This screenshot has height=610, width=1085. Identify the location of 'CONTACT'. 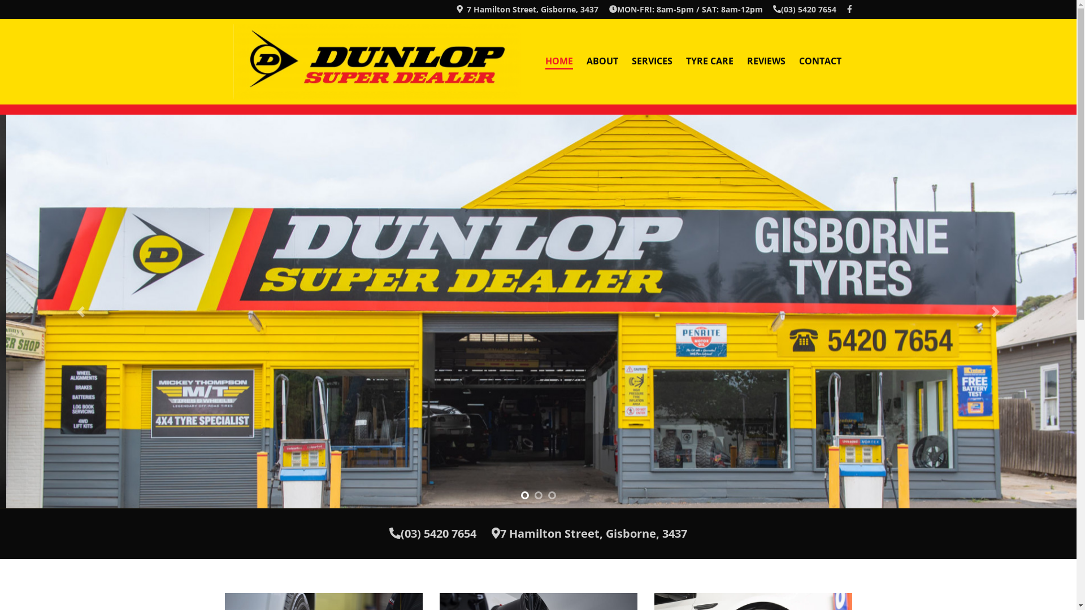
(820, 62).